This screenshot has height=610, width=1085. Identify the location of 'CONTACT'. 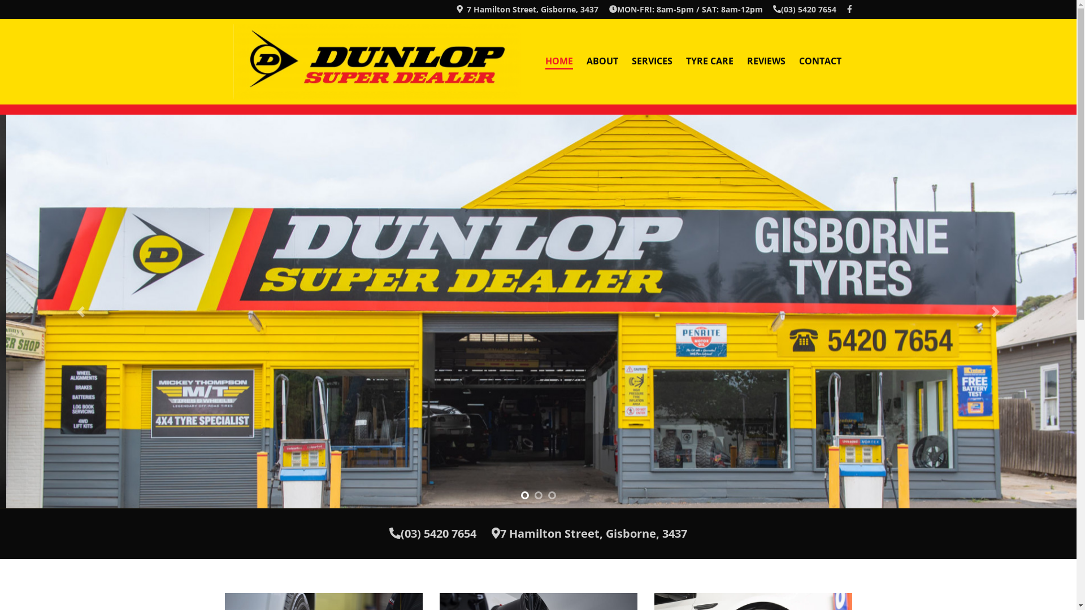
(820, 62).